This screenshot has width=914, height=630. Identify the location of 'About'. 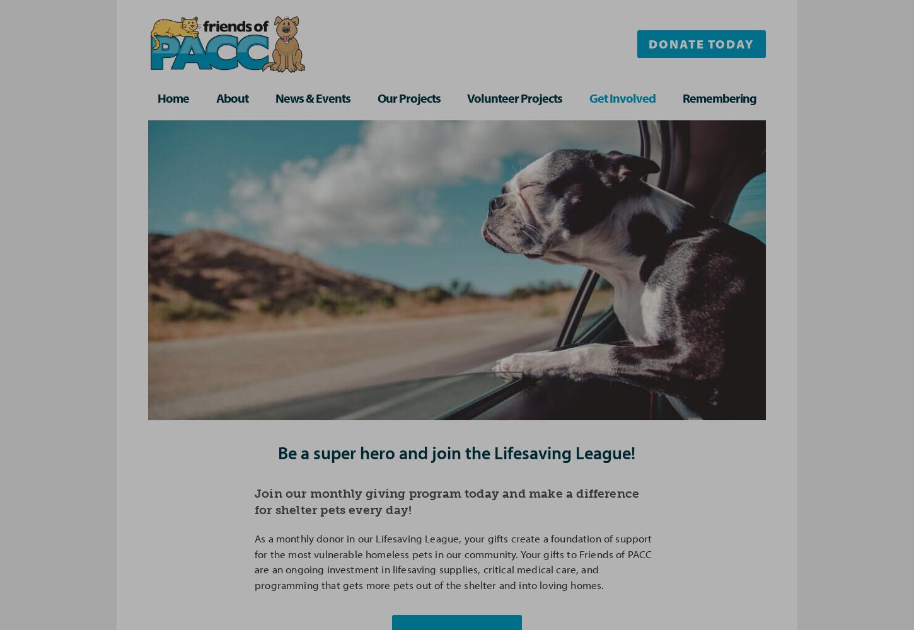
(231, 97).